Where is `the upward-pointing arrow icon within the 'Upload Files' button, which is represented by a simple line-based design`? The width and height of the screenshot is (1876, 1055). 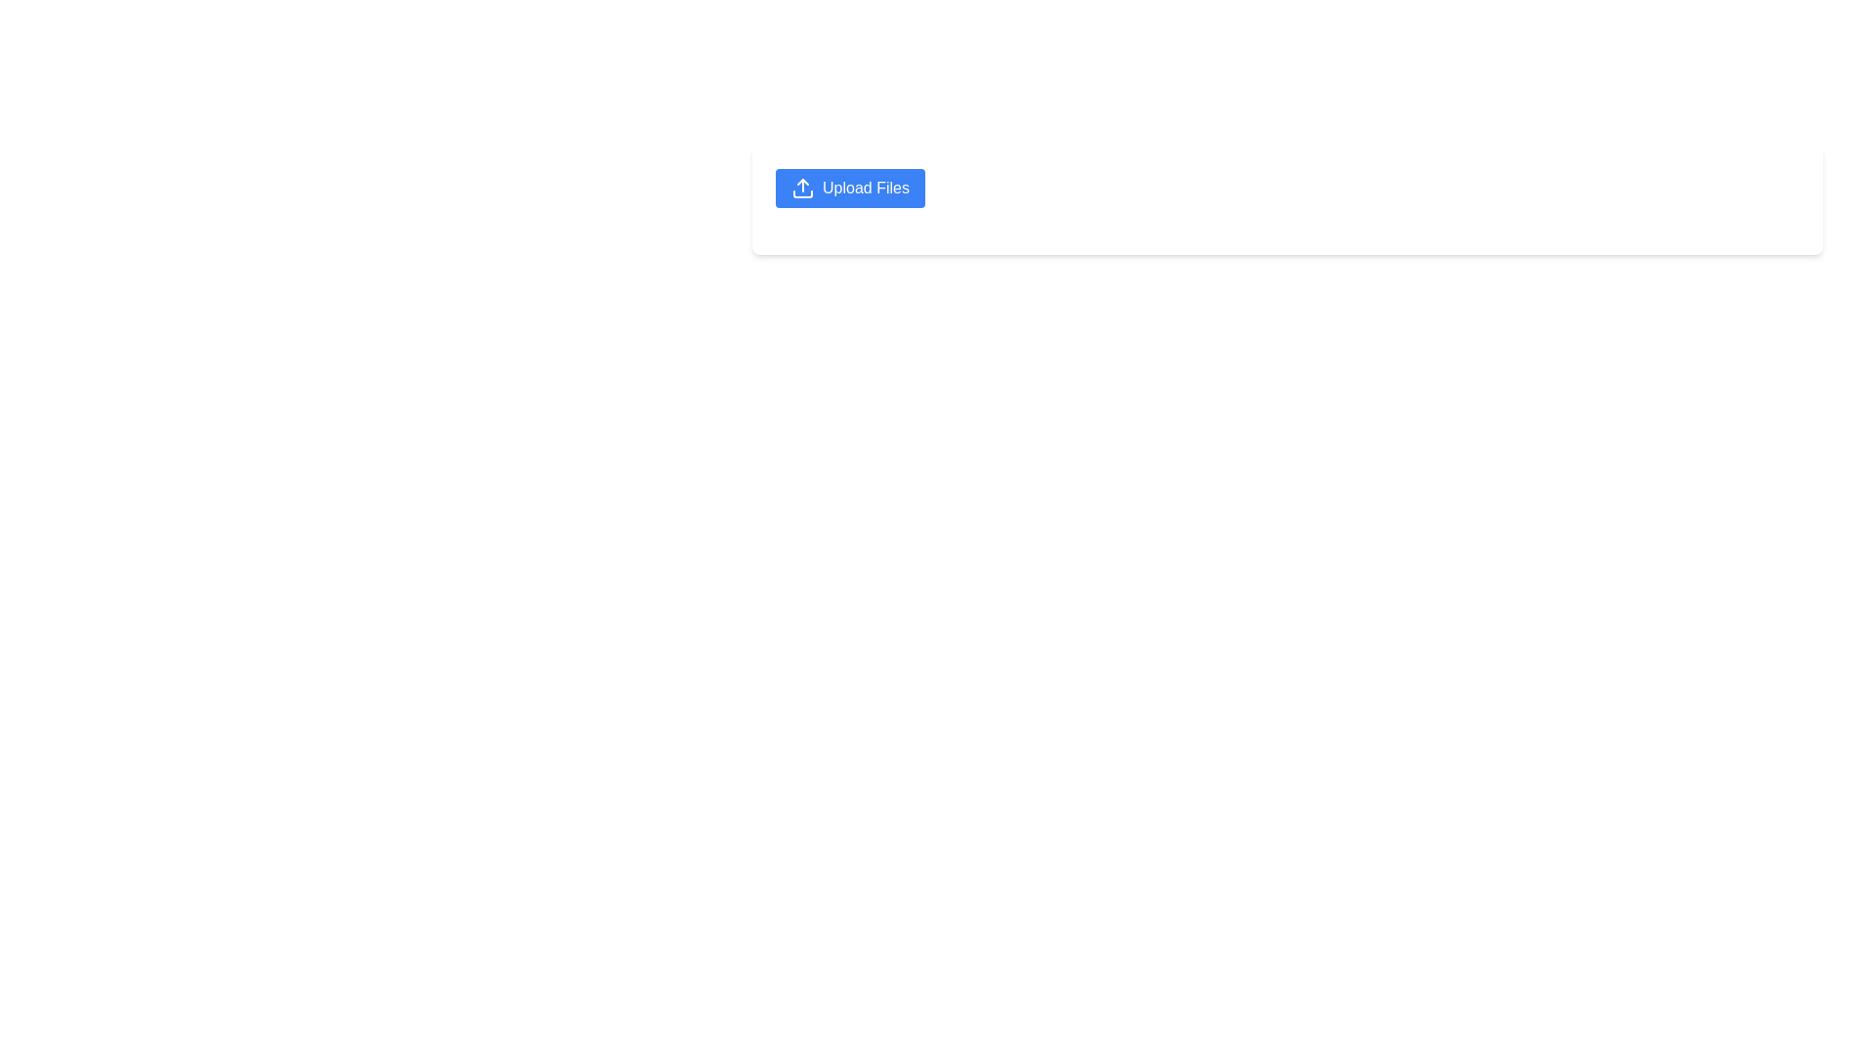 the upward-pointing arrow icon within the 'Upload Files' button, which is represented by a simple line-based design is located at coordinates (802, 188).